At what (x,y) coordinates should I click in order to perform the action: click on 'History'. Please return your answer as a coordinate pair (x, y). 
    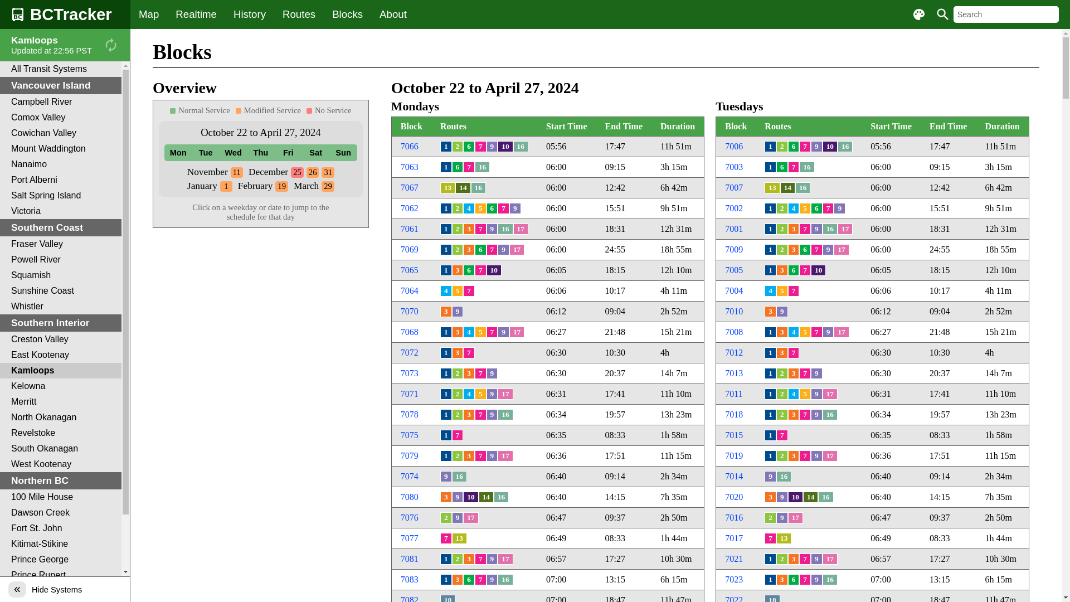
    Looking at the image, I should click on (224, 14).